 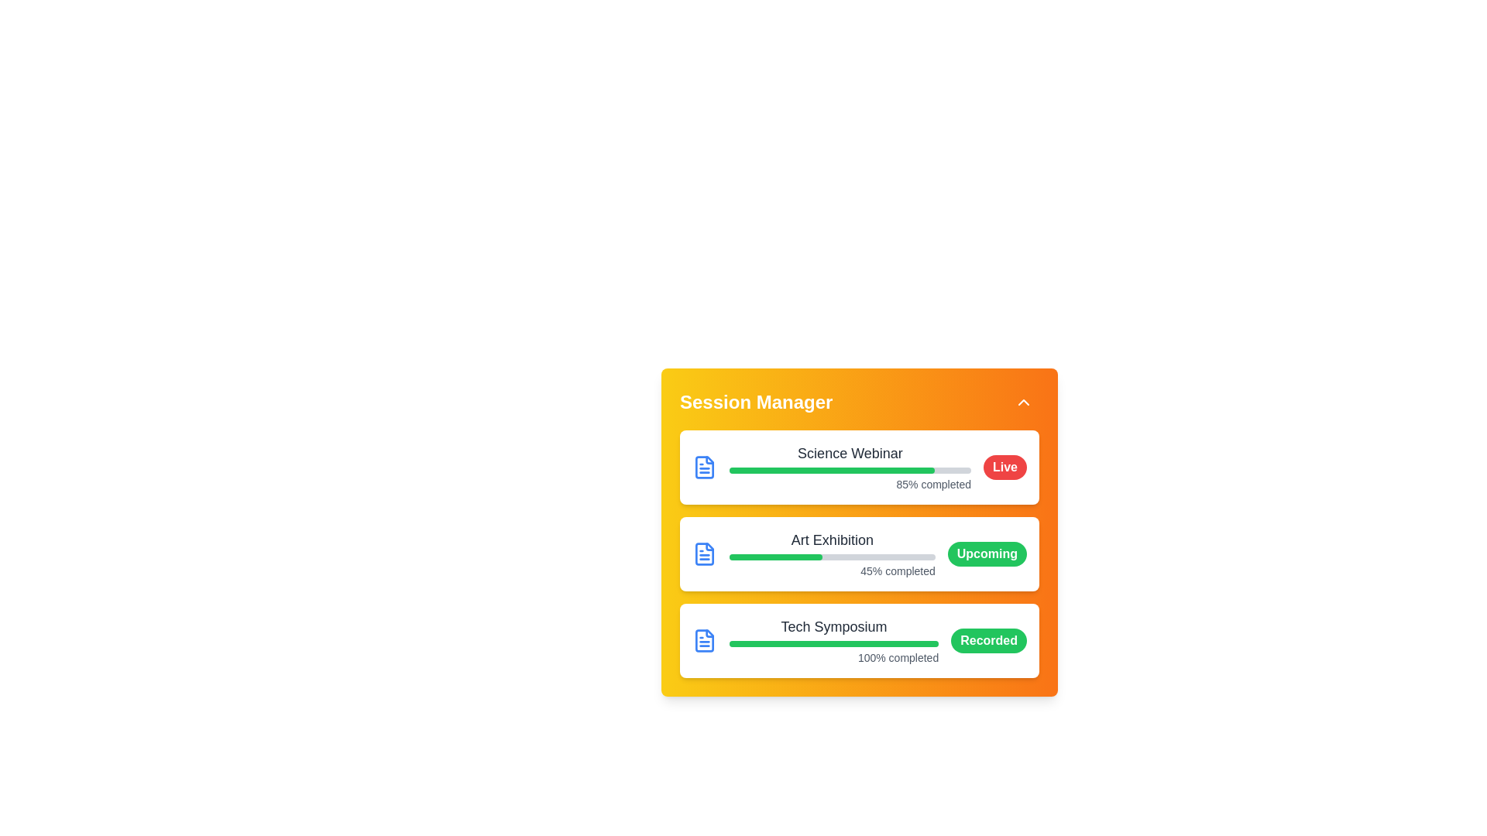 I want to click on the small button with an upward-pointing chevron icon, styled with a white color on an orange background, located in the top-right corner of the 'Session Manager' header, so click(x=1023, y=402).